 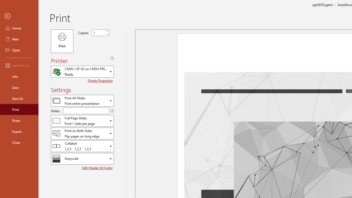 What do you see at coordinates (98, 33) in the screenshot?
I see `'Copies'` at bounding box center [98, 33].